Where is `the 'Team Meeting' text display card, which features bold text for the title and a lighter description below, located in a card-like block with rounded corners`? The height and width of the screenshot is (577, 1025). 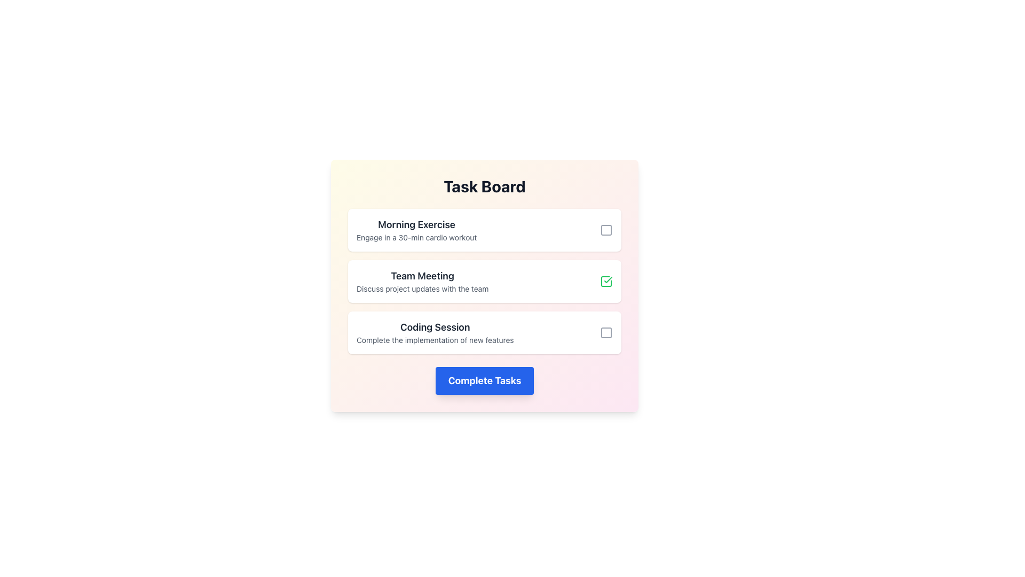
the 'Team Meeting' text display card, which features bold text for the title and a lighter description below, located in a card-like block with rounded corners is located at coordinates (422, 281).